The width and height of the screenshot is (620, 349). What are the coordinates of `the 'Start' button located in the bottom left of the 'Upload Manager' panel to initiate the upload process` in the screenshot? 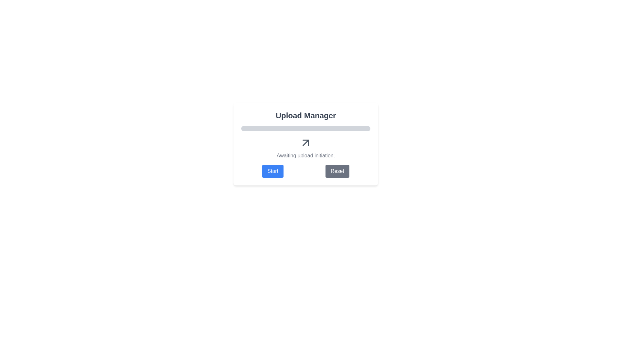 It's located at (273, 171).